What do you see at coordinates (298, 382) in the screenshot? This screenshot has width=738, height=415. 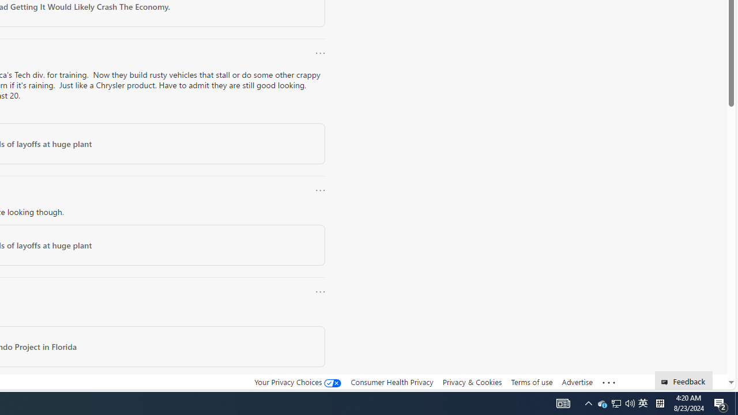 I see `'Your Privacy Choices'` at bounding box center [298, 382].